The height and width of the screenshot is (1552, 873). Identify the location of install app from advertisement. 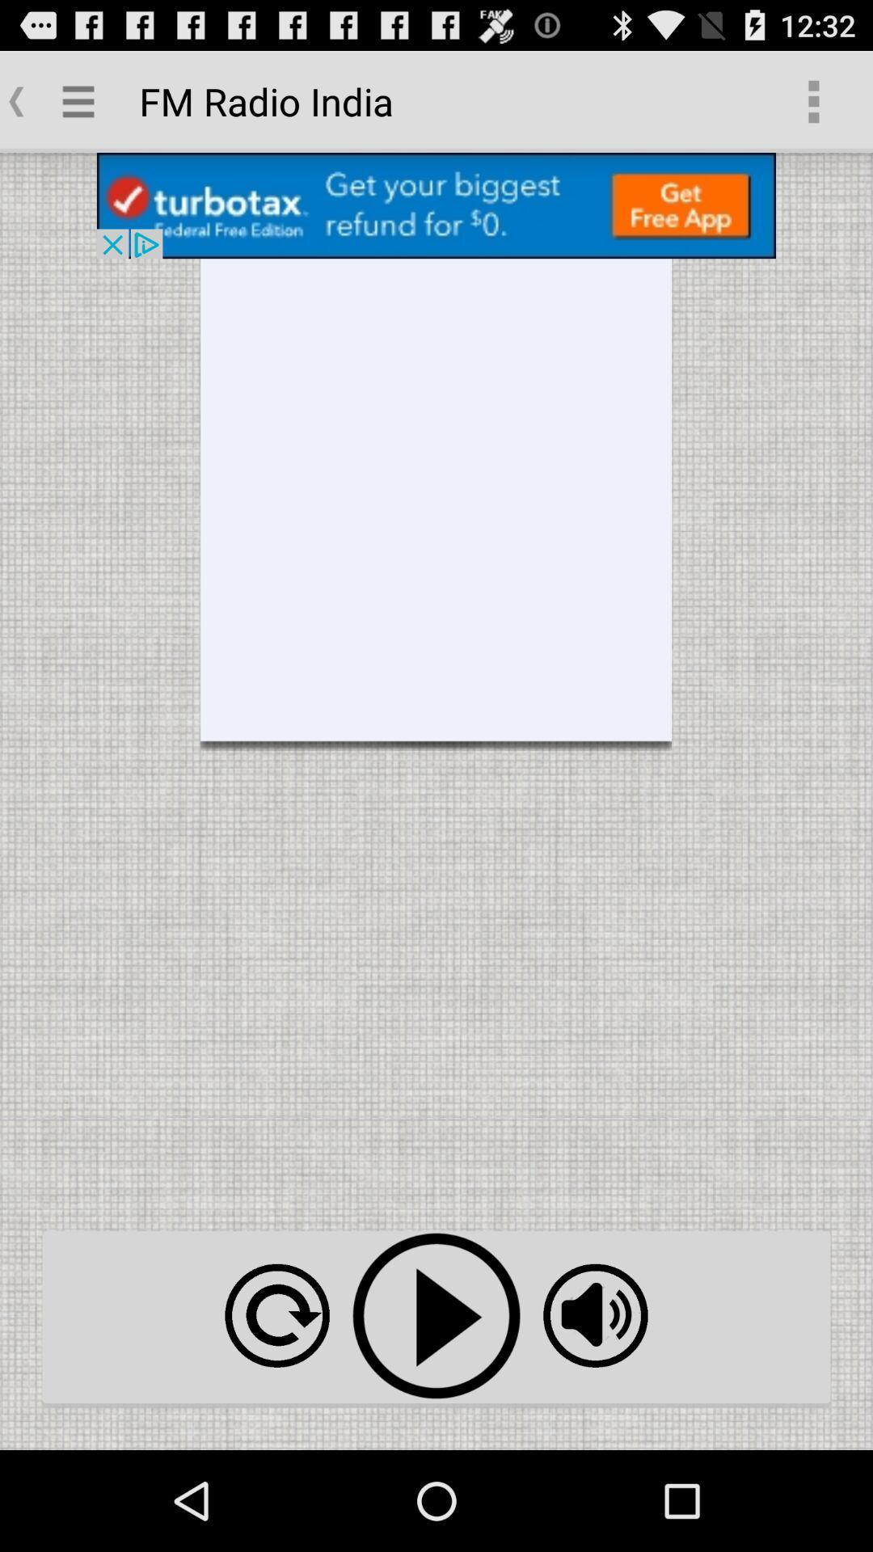
(436, 205).